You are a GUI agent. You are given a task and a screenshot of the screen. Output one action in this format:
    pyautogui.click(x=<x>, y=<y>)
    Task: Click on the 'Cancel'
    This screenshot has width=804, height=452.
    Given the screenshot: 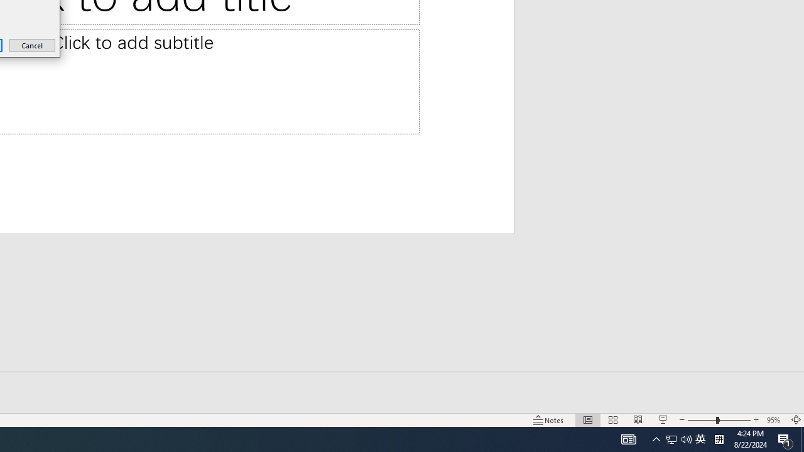 What is the action you would take?
    pyautogui.click(x=32, y=45)
    